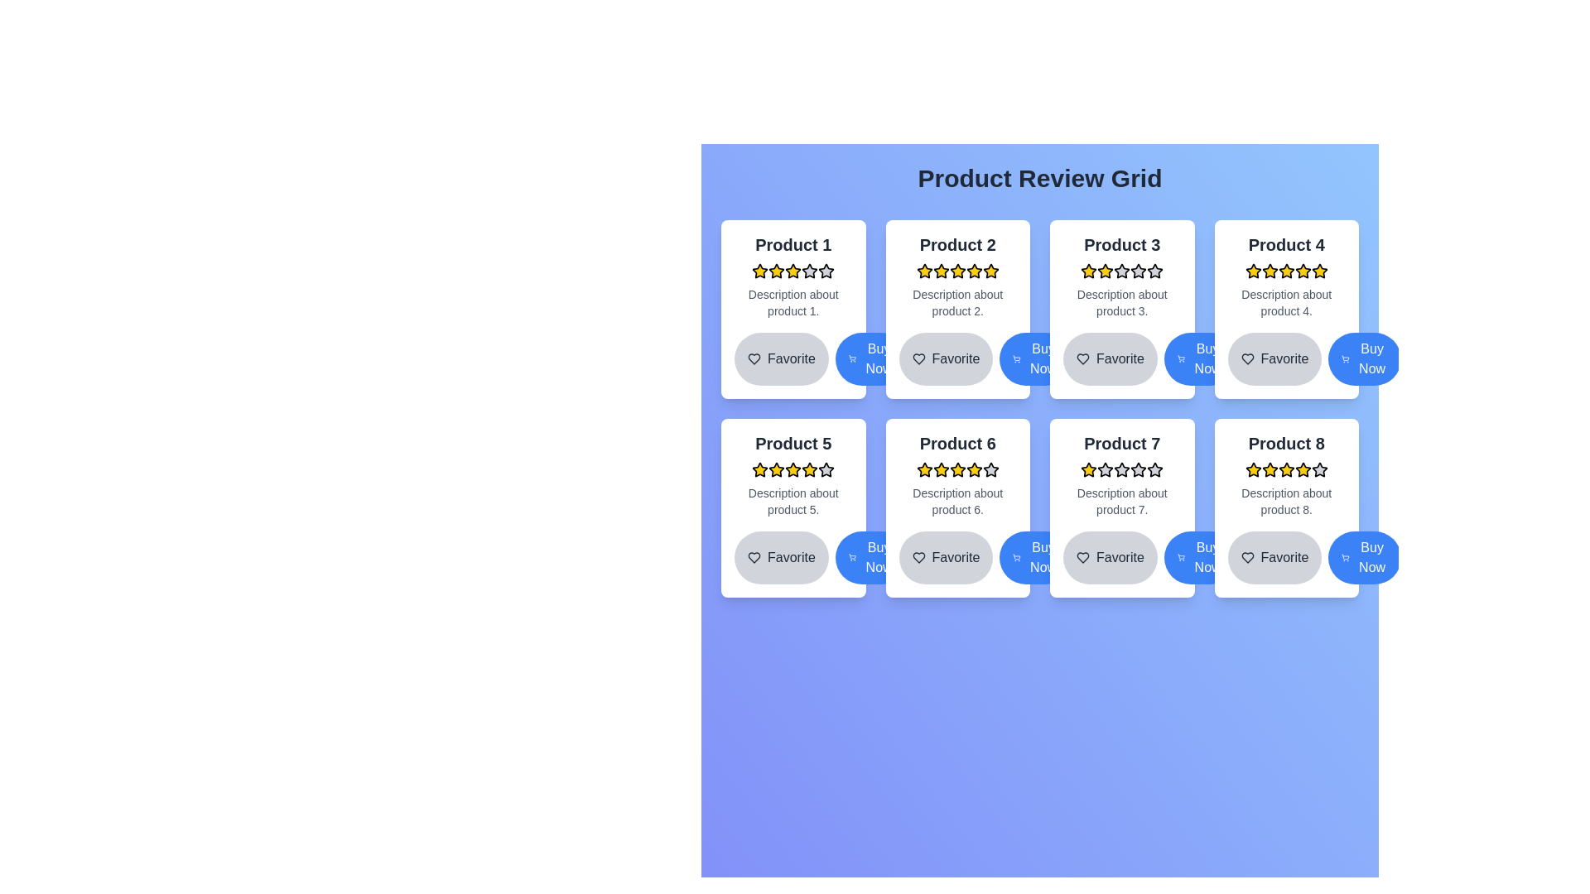 This screenshot has height=894, width=1590. What do you see at coordinates (1106, 469) in the screenshot?
I see `the first rating star for 'Product 7' to indicate rating intention` at bounding box center [1106, 469].